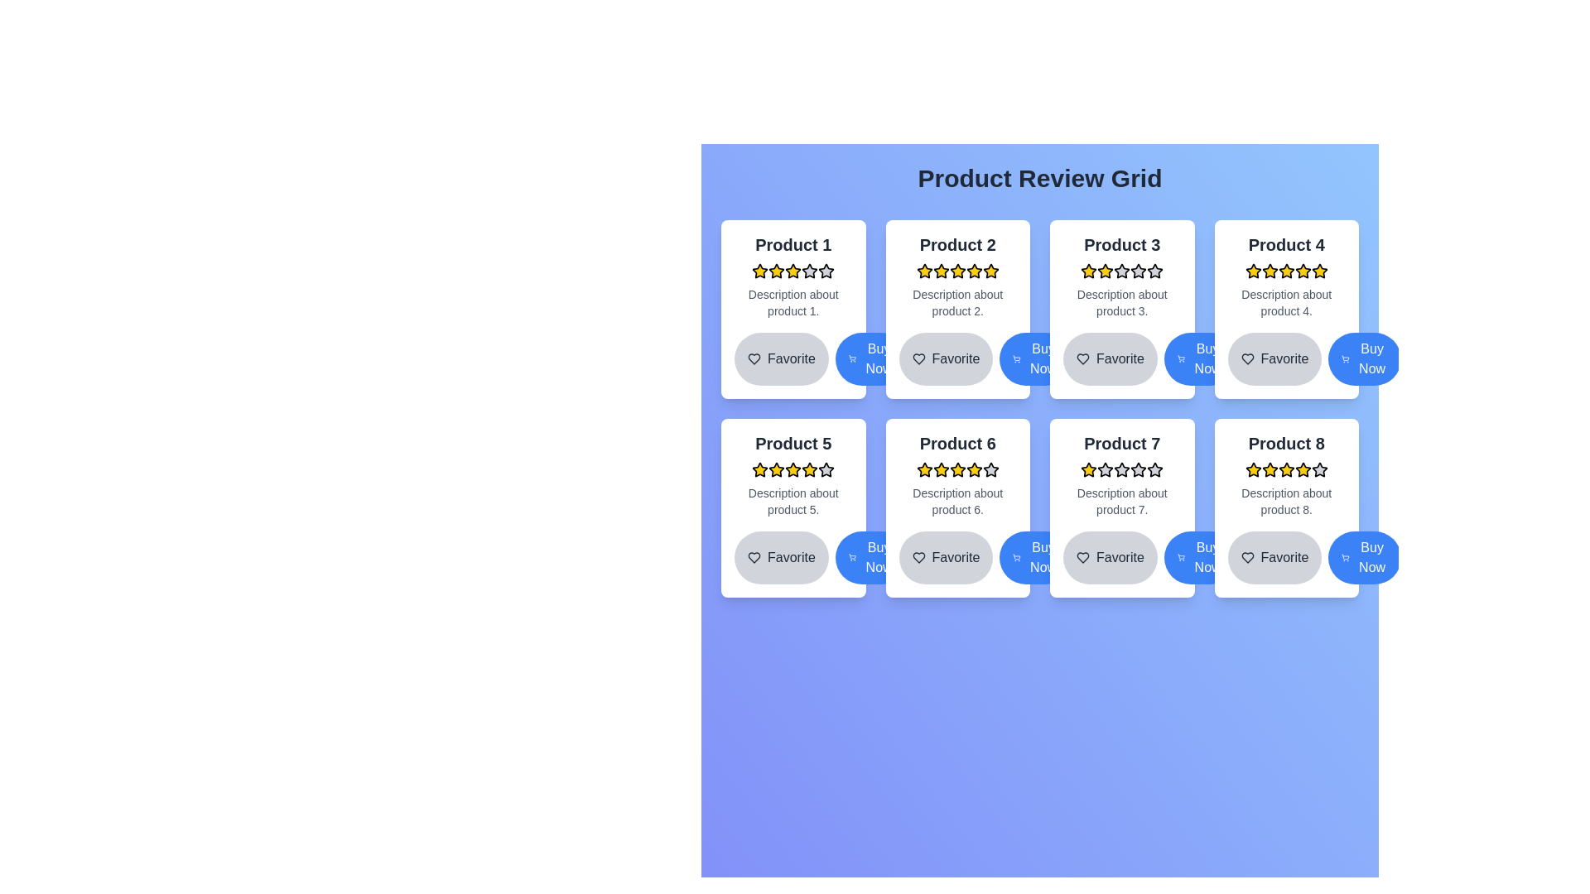 This screenshot has height=894, width=1590. What do you see at coordinates (1106, 469) in the screenshot?
I see `the first rating star for 'Product 7' to indicate rating intention` at bounding box center [1106, 469].